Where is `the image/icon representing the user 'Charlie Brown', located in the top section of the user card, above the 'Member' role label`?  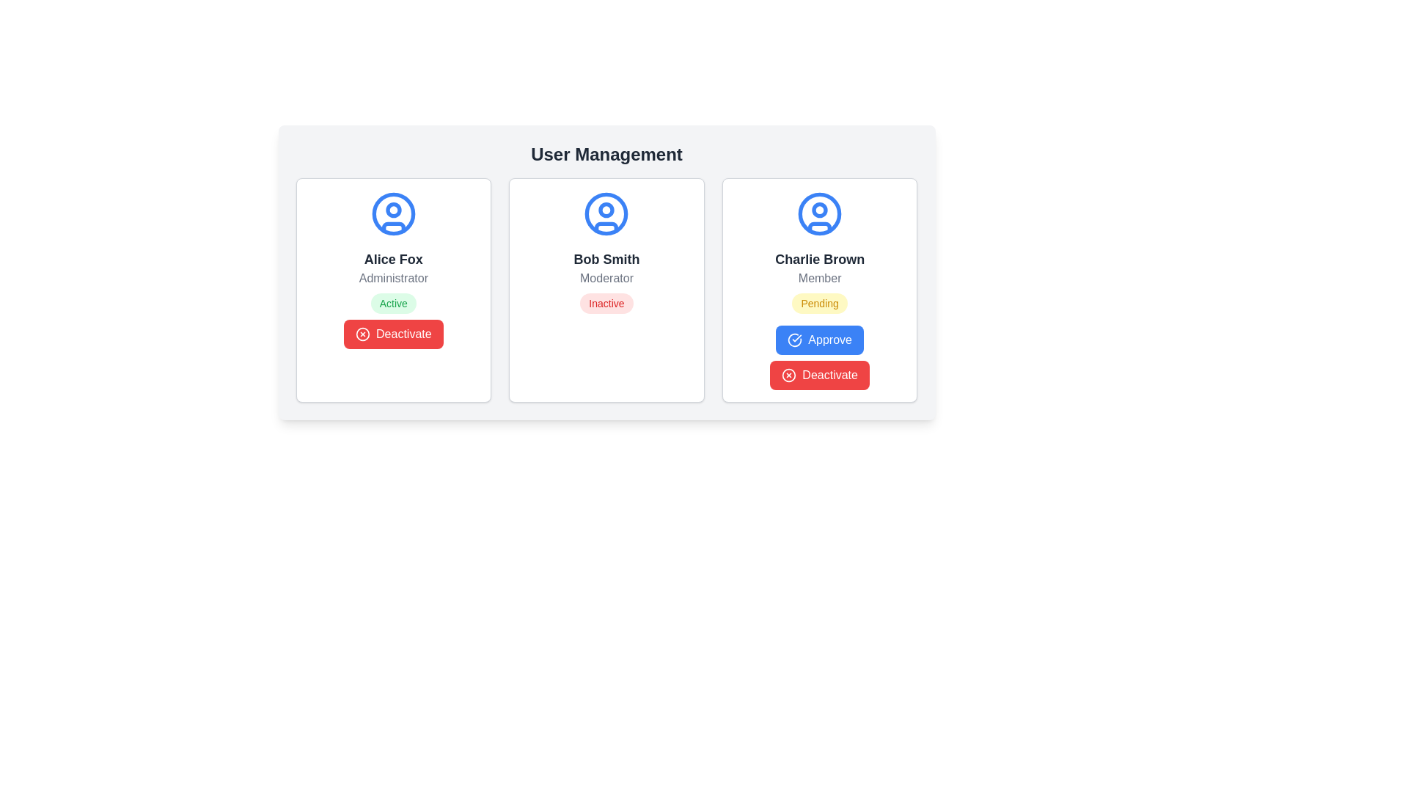
the image/icon representing the user 'Charlie Brown', located in the top section of the user card, above the 'Member' role label is located at coordinates (819, 214).